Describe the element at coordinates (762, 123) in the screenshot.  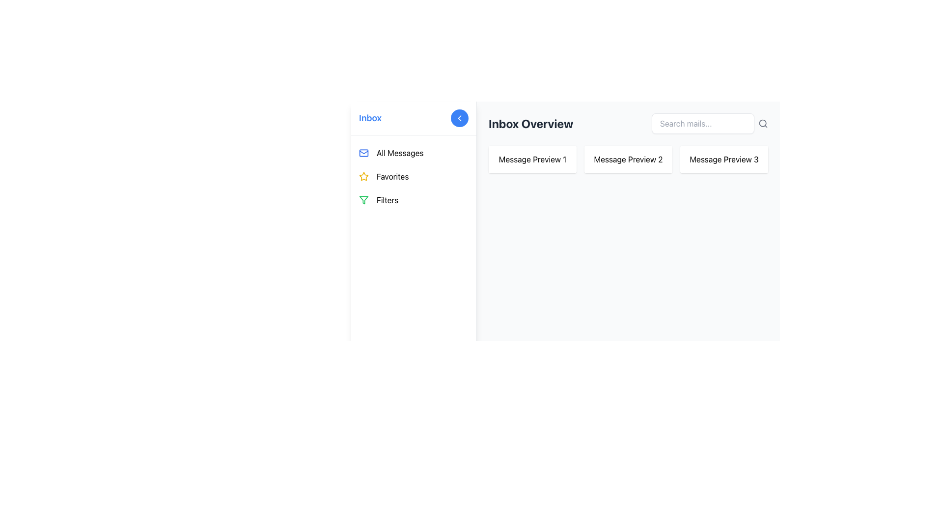
I see `the circular magnifying glass lens within the search icon located at the top-right of the application's interface` at that location.